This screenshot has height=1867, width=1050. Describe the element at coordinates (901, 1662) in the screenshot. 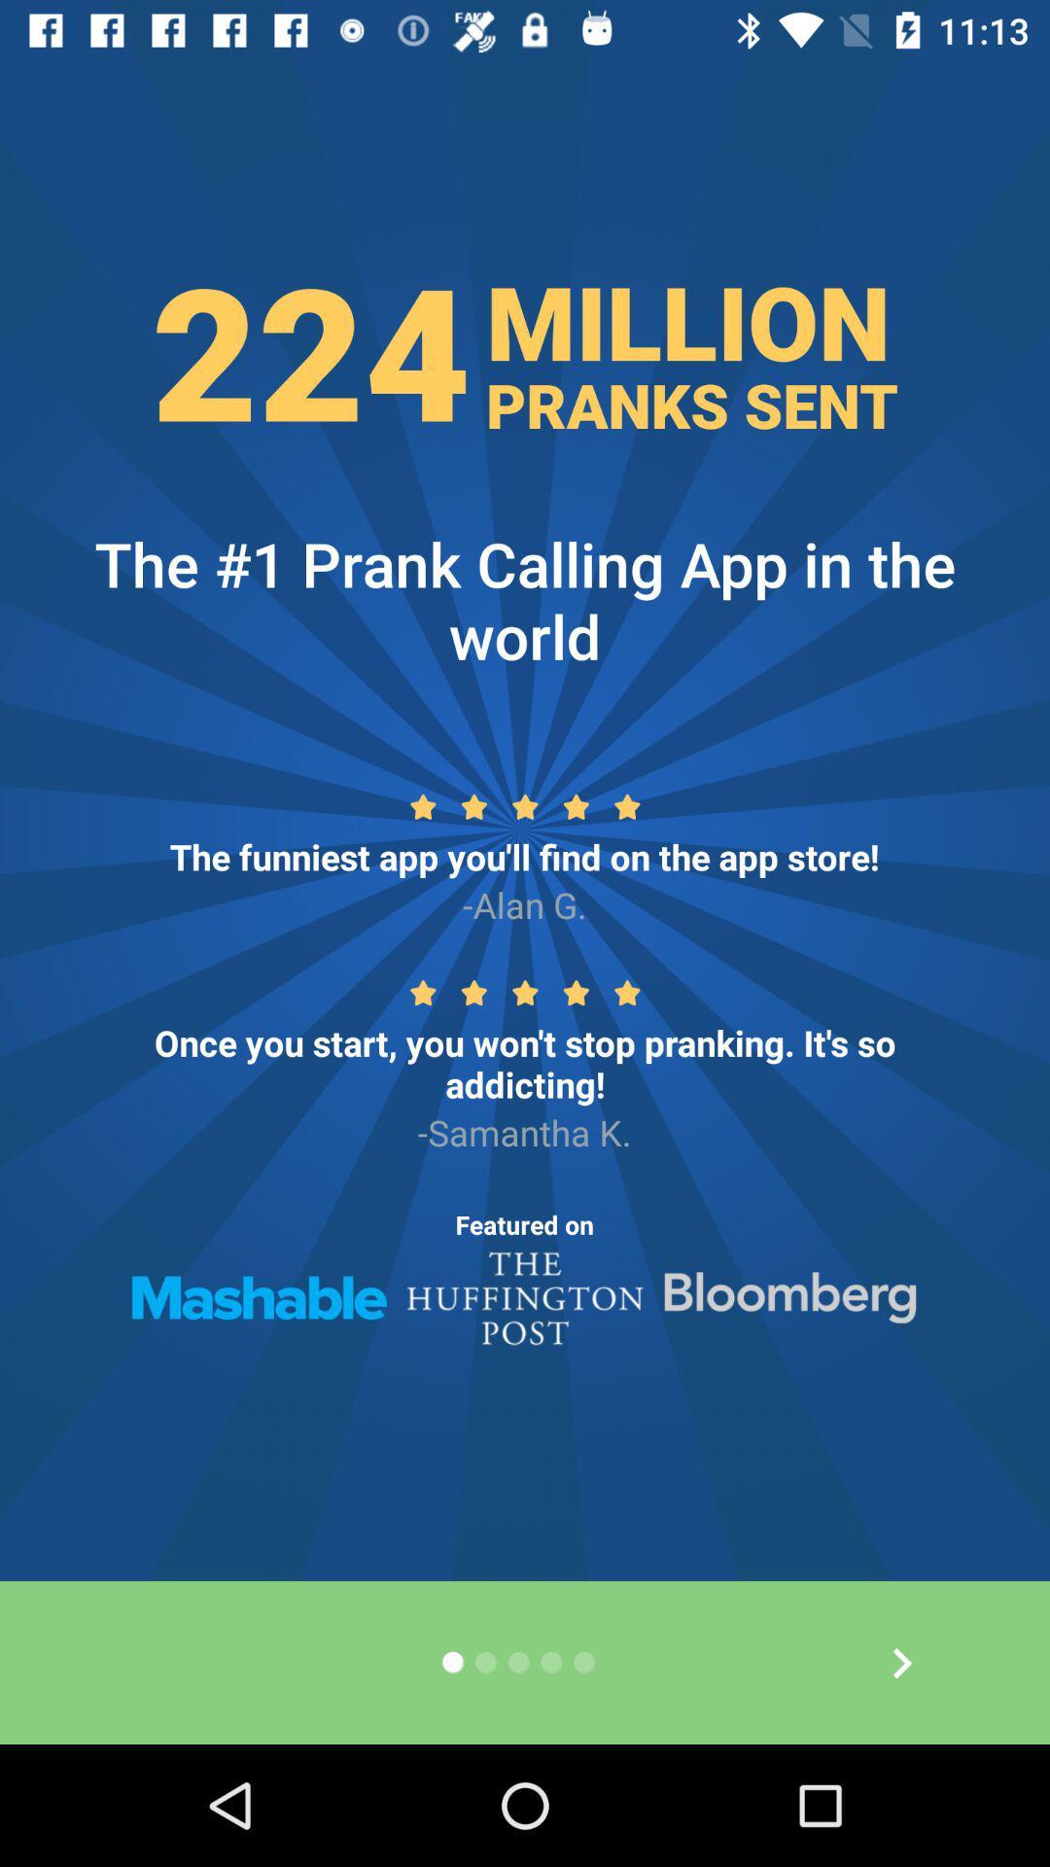

I see `the arrow_forward icon` at that location.